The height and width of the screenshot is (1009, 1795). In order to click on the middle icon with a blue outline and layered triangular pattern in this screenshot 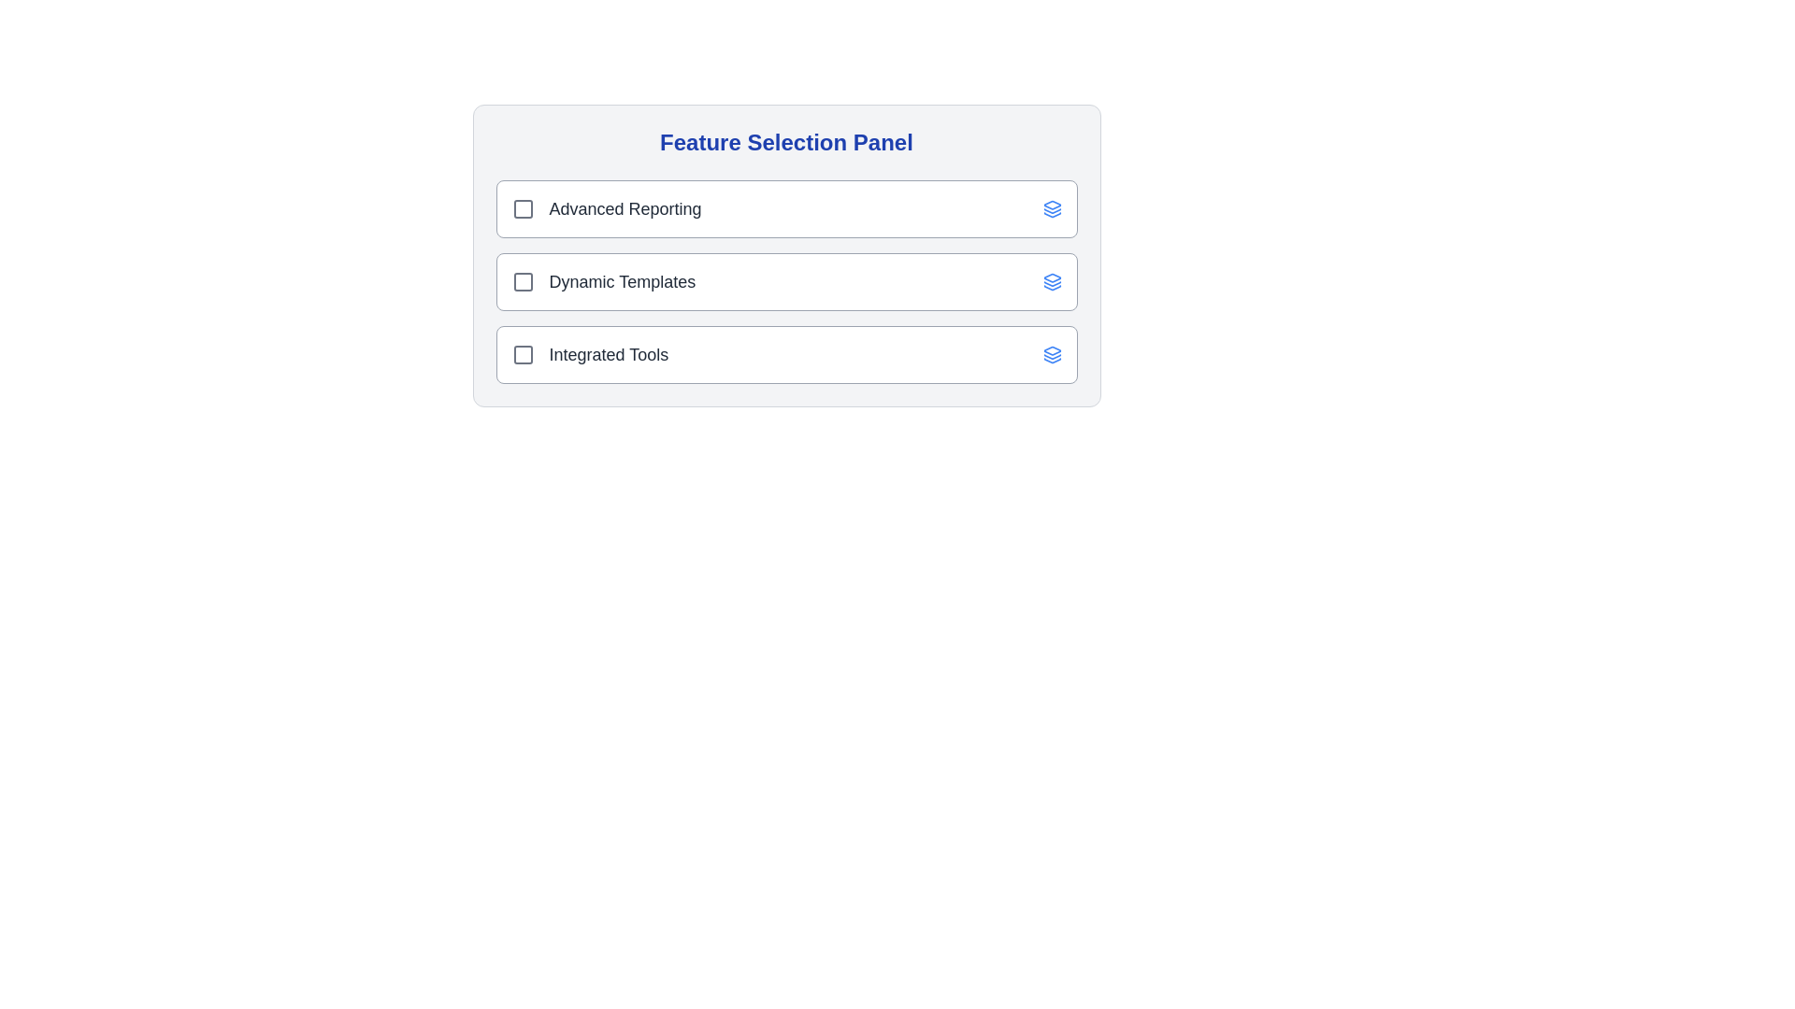, I will do `click(1052, 284)`.